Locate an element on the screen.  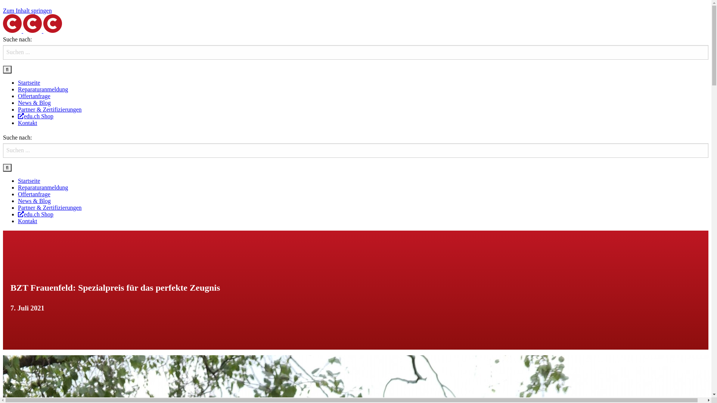
'Zum Inhalt springen' is located at coordinates (27, 10).